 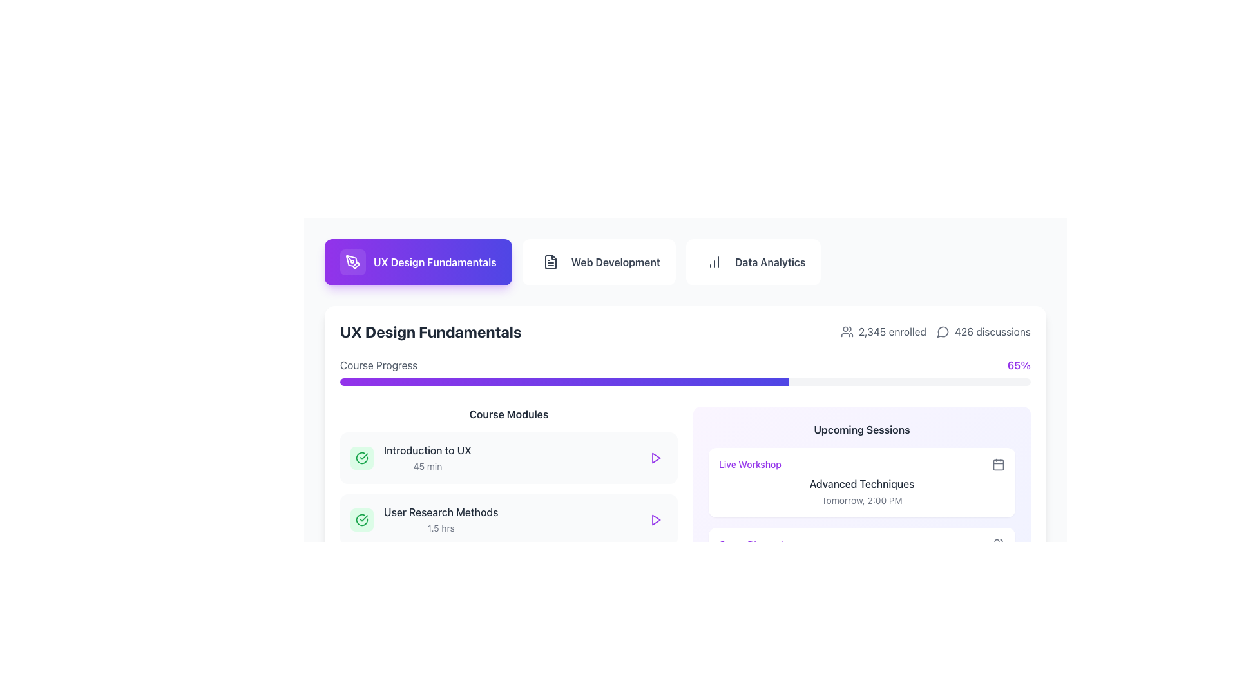 I want to click on the main title text element for the course currently being viewed, which is positioned under the 'UX Design Fundamentals' button with a purple background, so click(x=430, y=331).